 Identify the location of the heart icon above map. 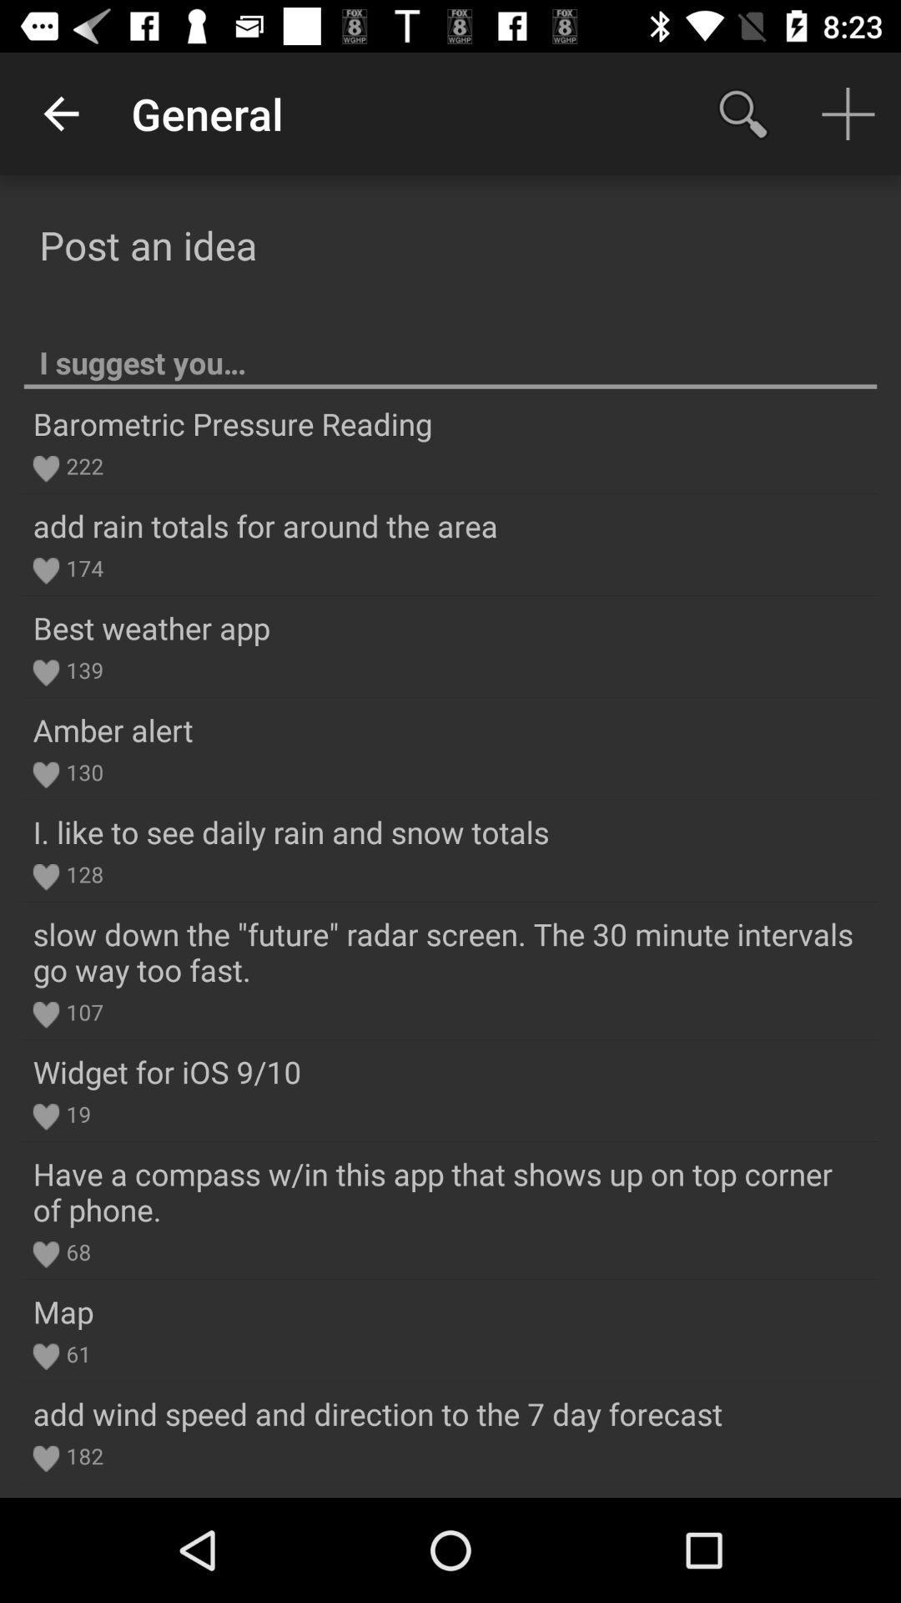
(45, 1254).